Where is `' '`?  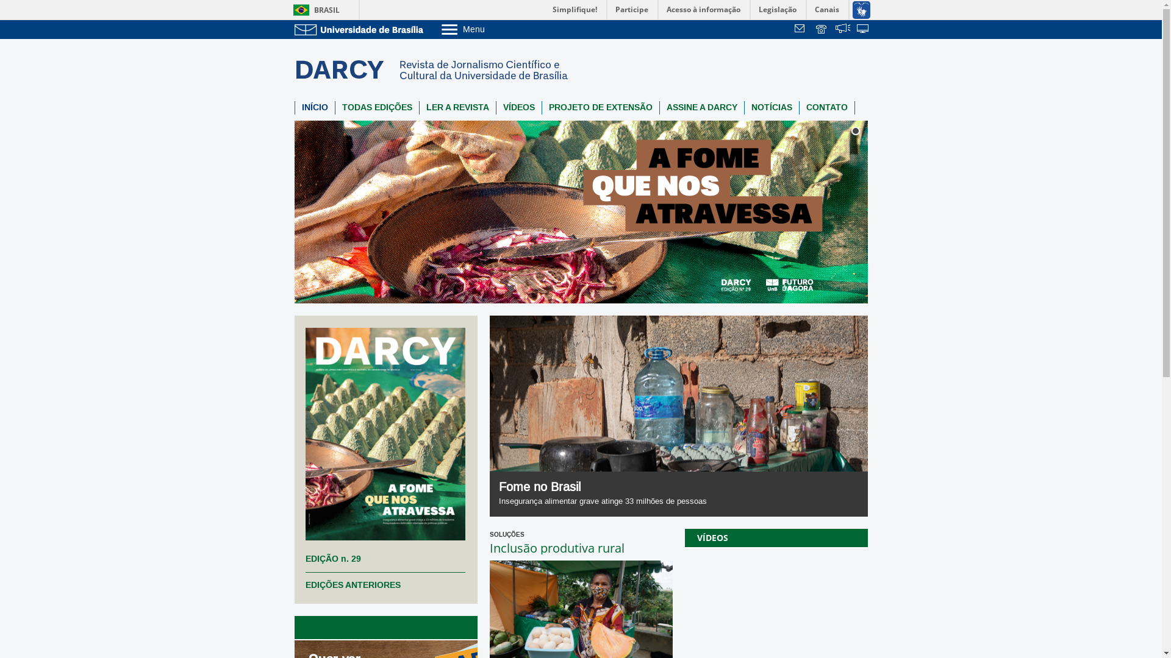
' ' is located at coordinates (801, 29).